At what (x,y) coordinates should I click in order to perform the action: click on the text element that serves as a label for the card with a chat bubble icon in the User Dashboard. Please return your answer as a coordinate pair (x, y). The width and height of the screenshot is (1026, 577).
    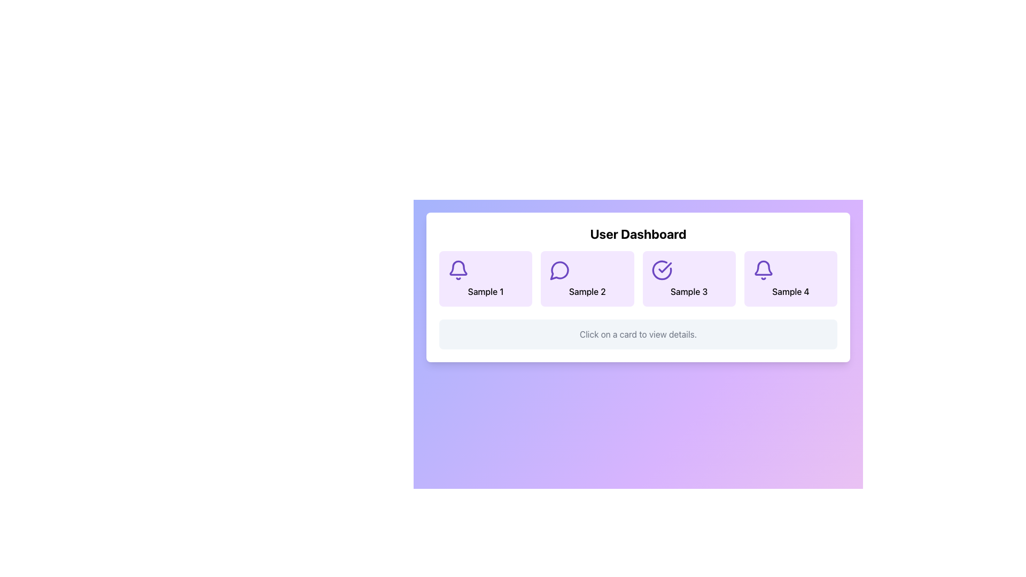
    Looking at the image, I should click on (587, 292).